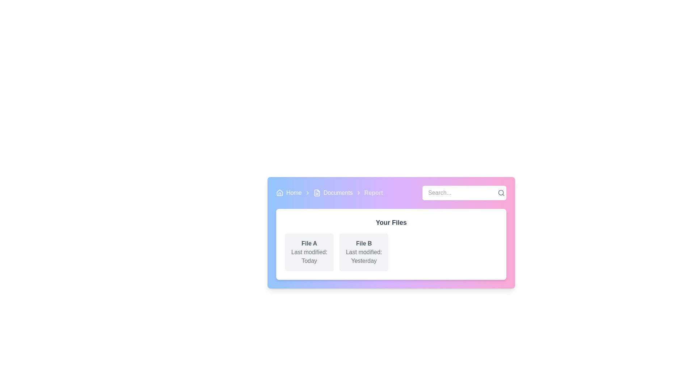 The image size is (695, 391). I want to click on the 'Documents' text link, which is styled with a light-blue and pink gradient and shows an underline effect on hover, located in the upper breadcrumb navigation between 'Home' and 'Report', so click(338, 192).